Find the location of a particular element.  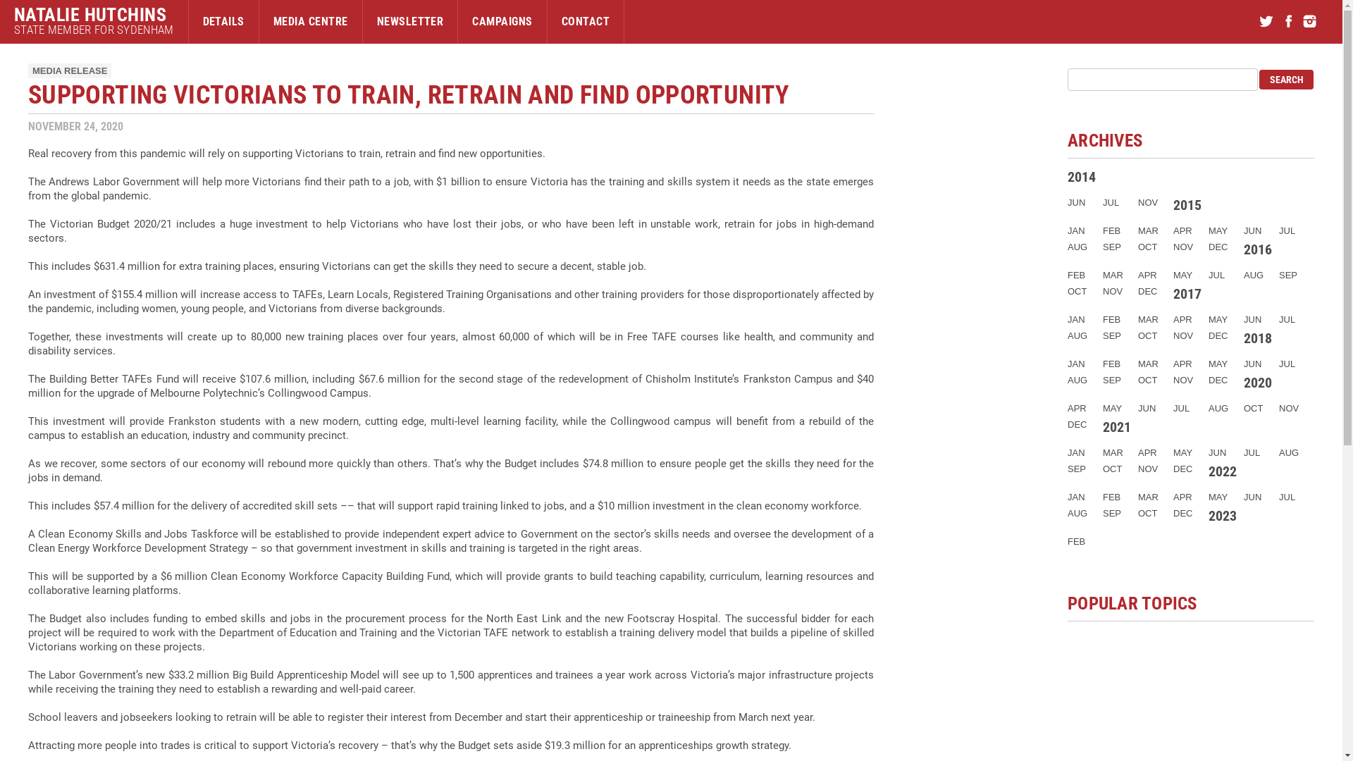

'2021' is located at coordinates (1116, 426).